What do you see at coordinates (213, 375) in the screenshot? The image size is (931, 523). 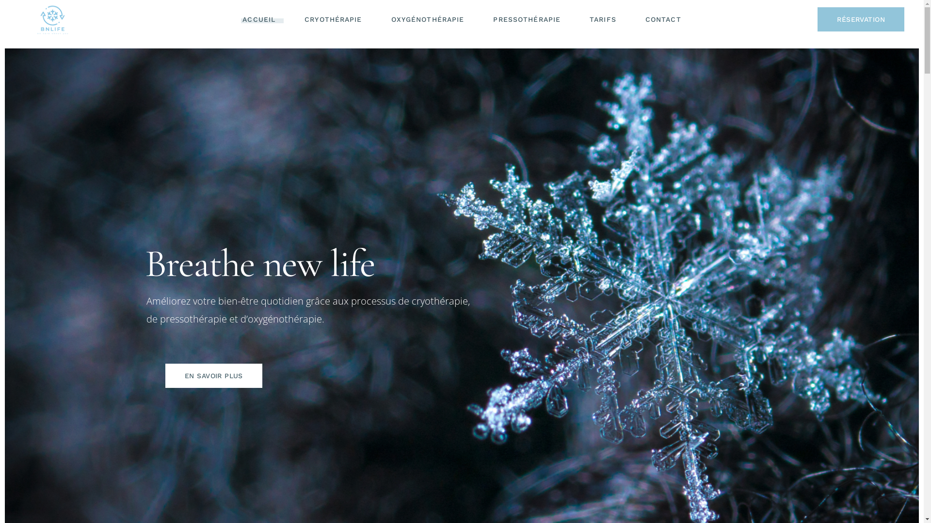 I see `'EN SAVOIR PLUS'` at bounding box center [213, 375].